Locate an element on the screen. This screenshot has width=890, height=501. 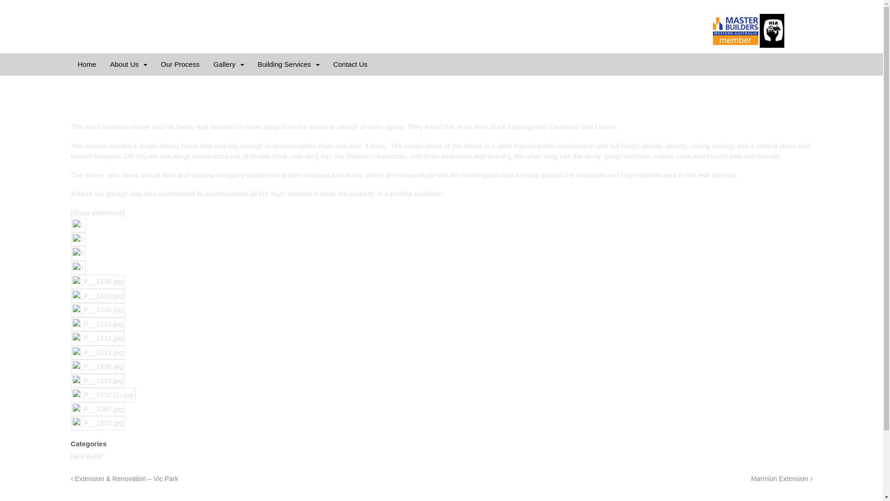
'_P__1324.jpg' is located at coordinates (70, 324).